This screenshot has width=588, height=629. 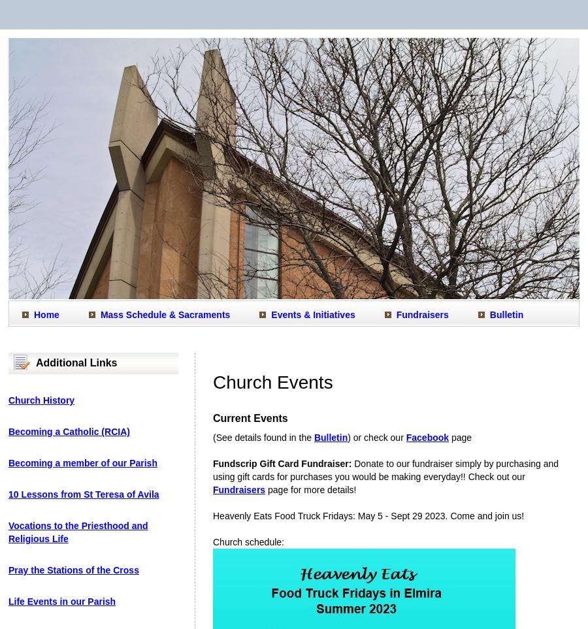 I want to click on 'Church History', so click(x=41, y=400).